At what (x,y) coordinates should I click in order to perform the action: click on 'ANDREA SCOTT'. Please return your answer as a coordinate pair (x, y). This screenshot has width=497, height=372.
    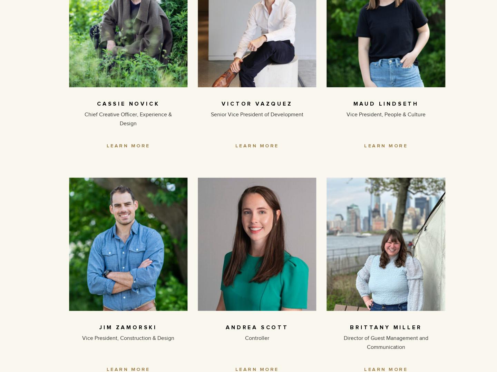
    Looking at the image, I should click on (256, 326).